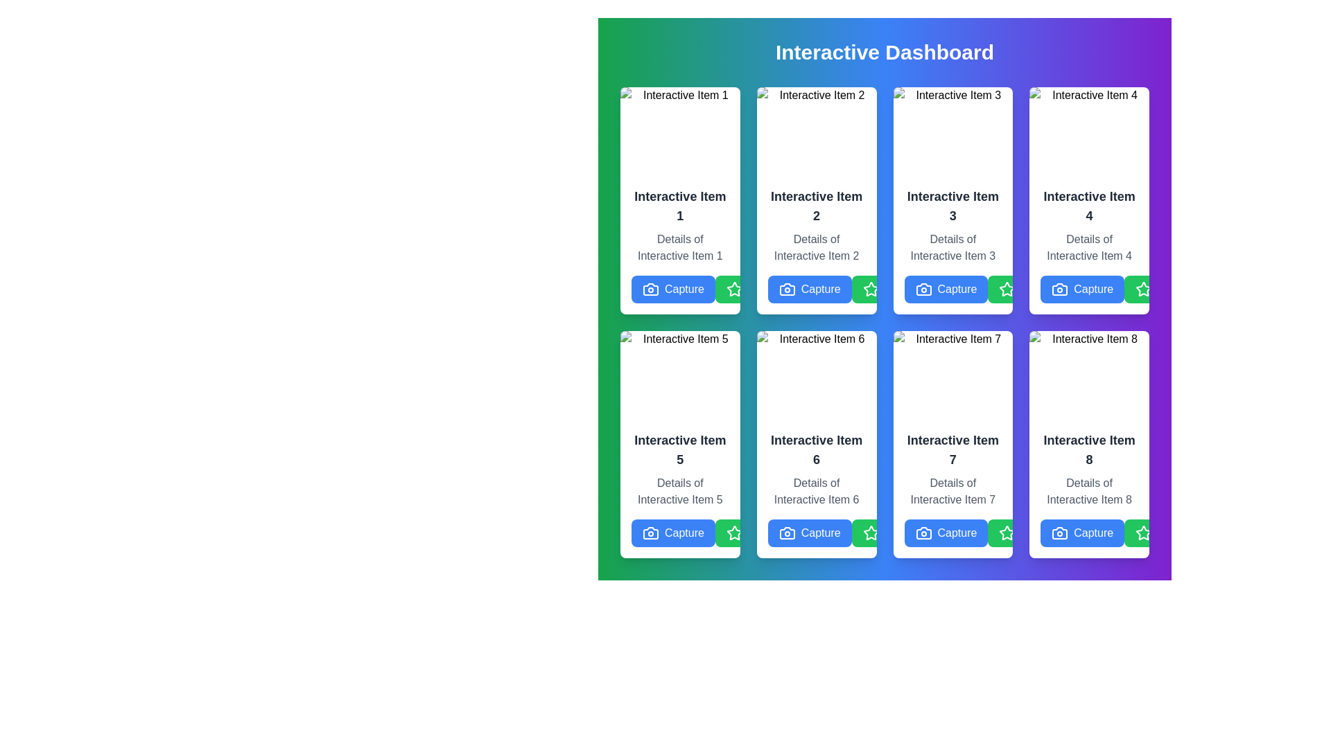 This screenshot has width=1331, height=748. What do you see at coordinates (1088, 288) in the screenshot?
I see `the rectangular button with a blue background and rounded corners labeled 'Capture', located in the 'Interactive Item 4' card` at bounding box center [1088, 288].